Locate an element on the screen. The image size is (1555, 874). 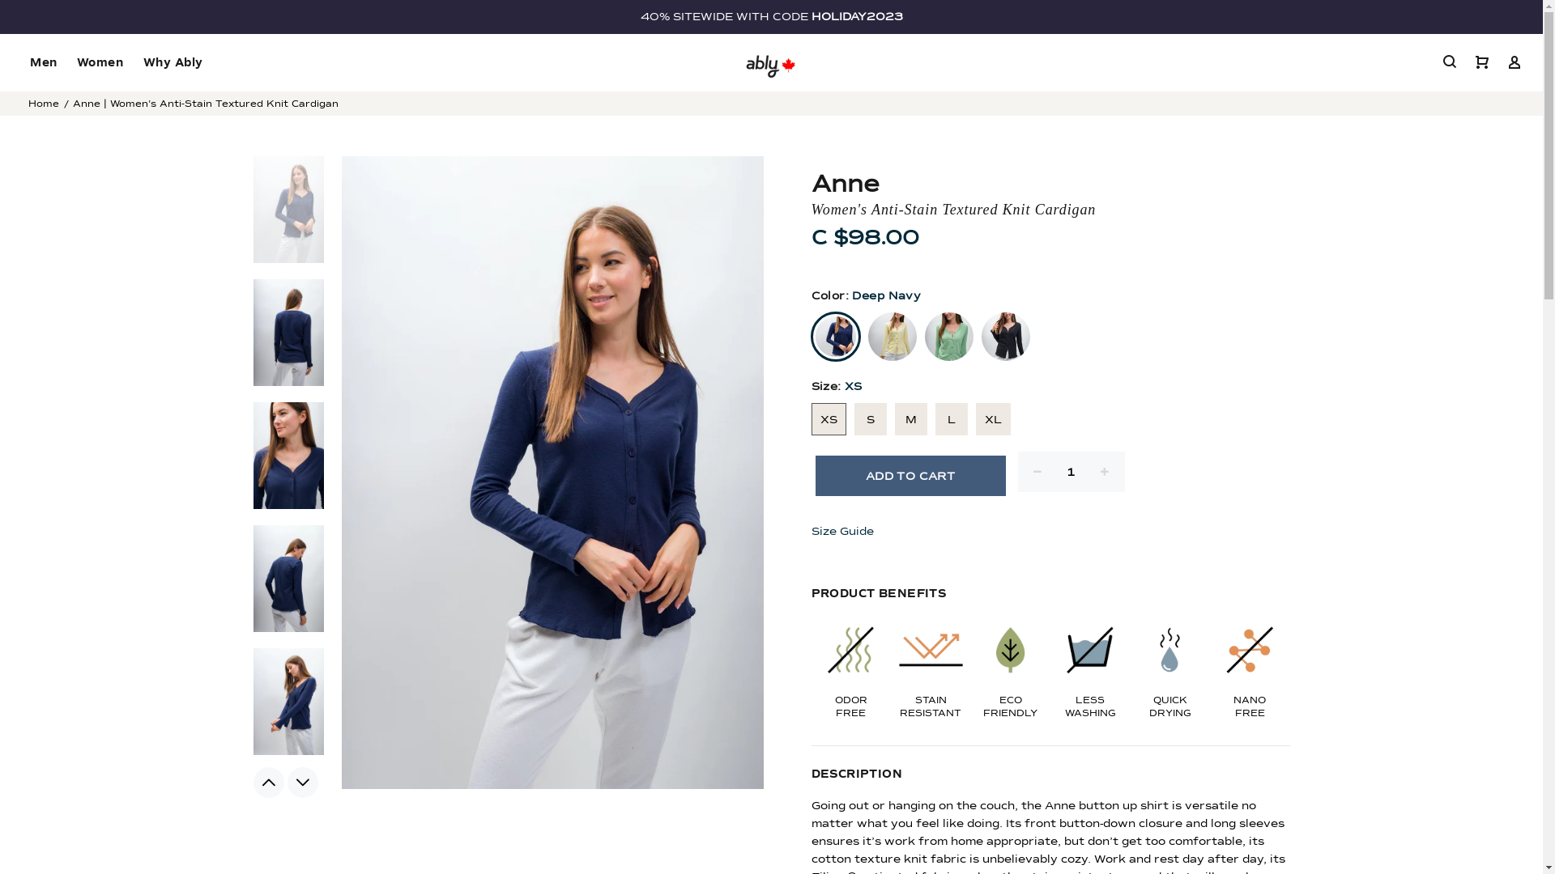
'Basil' is located at coordinates (948, 336).